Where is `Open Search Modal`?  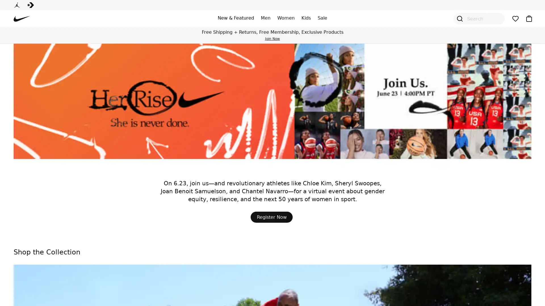
Open Search Modal is located at coordinates (460, 18).